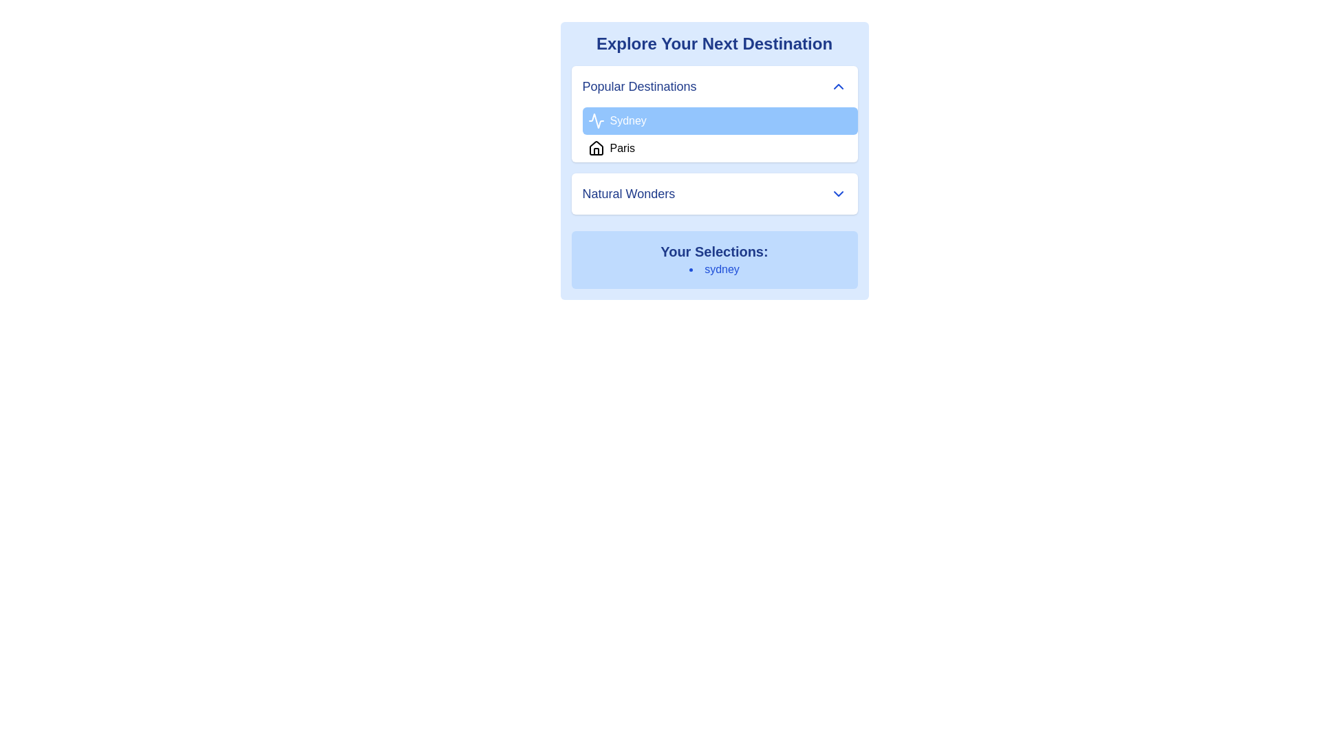  Describe the element at coordinates (837, 87) in the screenshot. I see `the upward-pointing blue chevron icon button located at the far right of the 'Popular Destinations' header` at that location.